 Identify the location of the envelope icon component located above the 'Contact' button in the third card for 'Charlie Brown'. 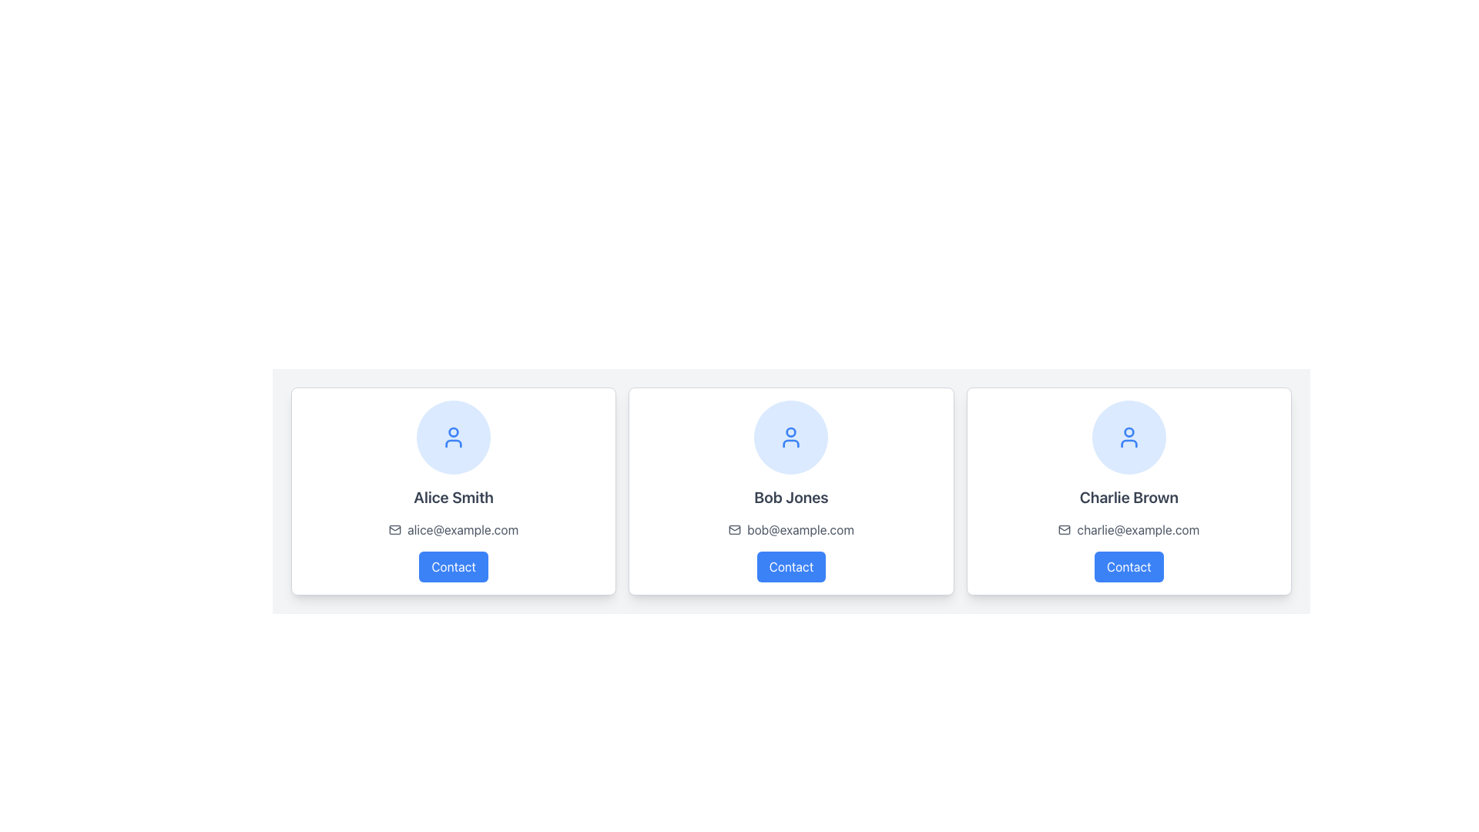
(1064, 528).